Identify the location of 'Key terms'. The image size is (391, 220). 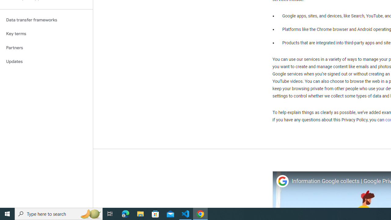
(46, 34).